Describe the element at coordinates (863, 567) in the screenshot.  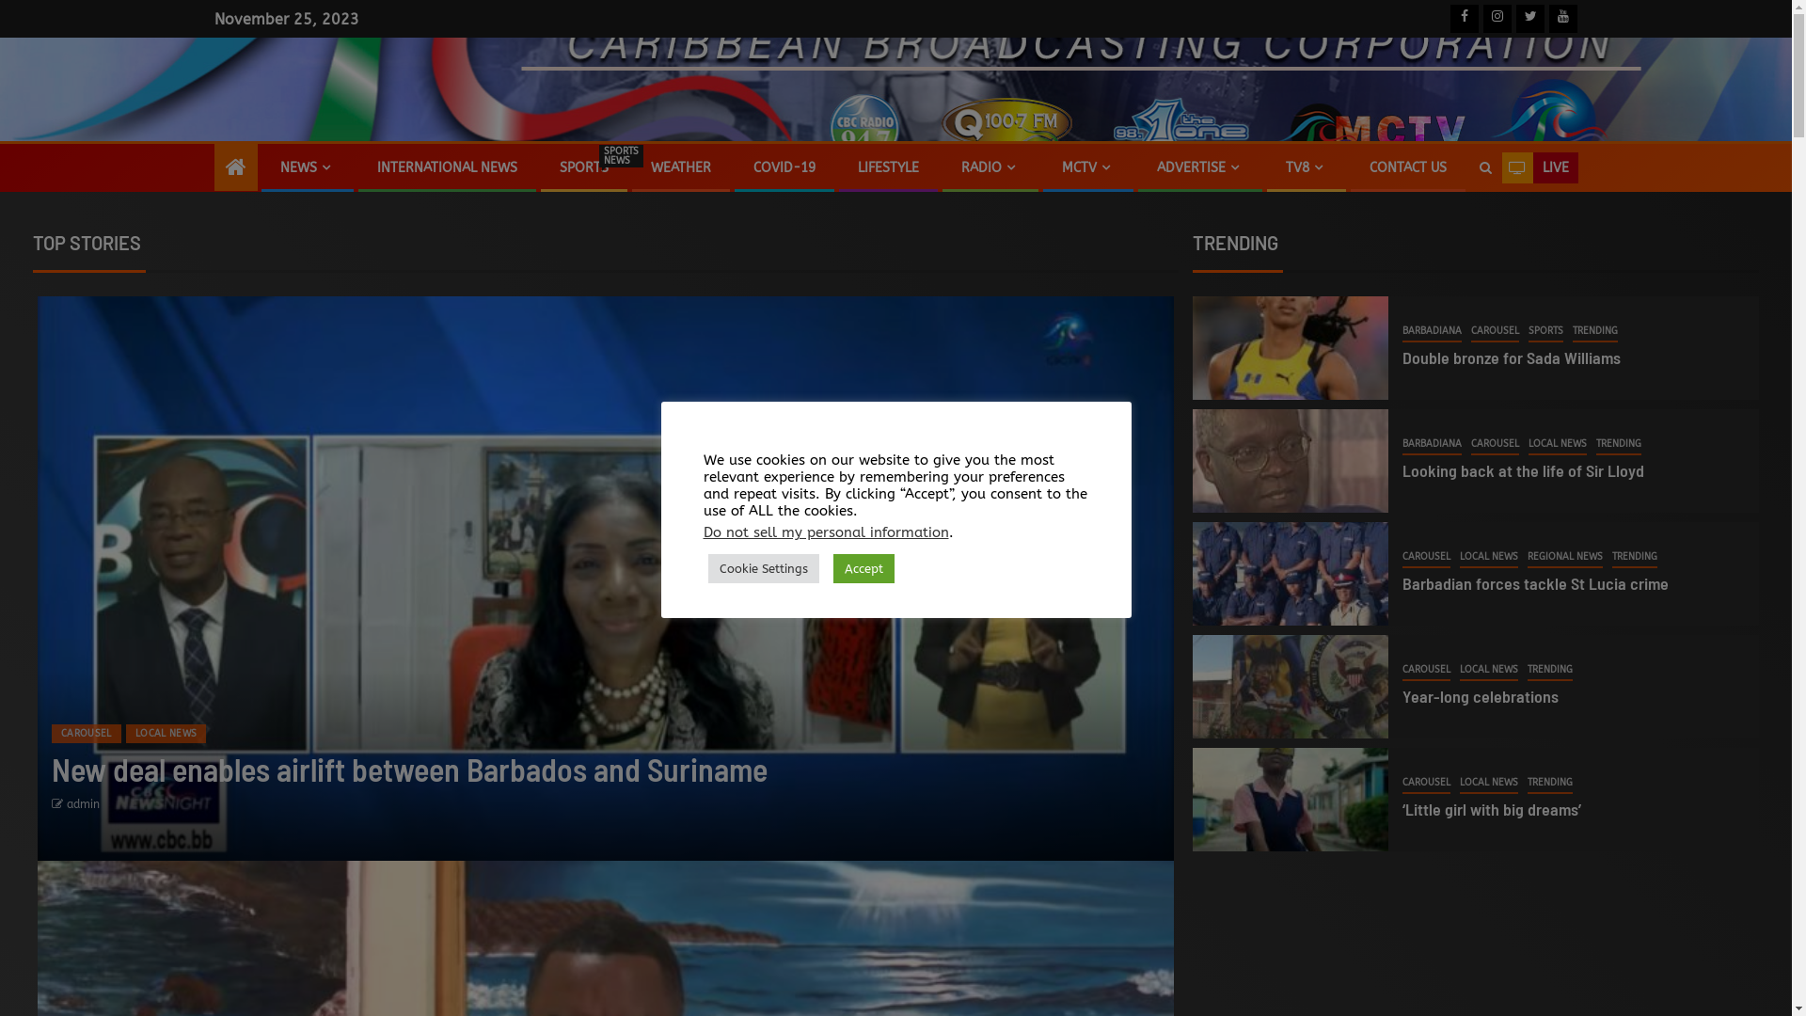
I see `'Accept'` at that location.